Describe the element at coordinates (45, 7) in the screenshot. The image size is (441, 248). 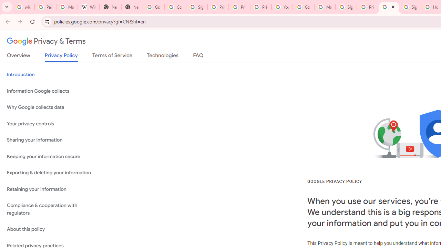
I see `'Personalization & Google Search results - Google Search Help'` at that location.